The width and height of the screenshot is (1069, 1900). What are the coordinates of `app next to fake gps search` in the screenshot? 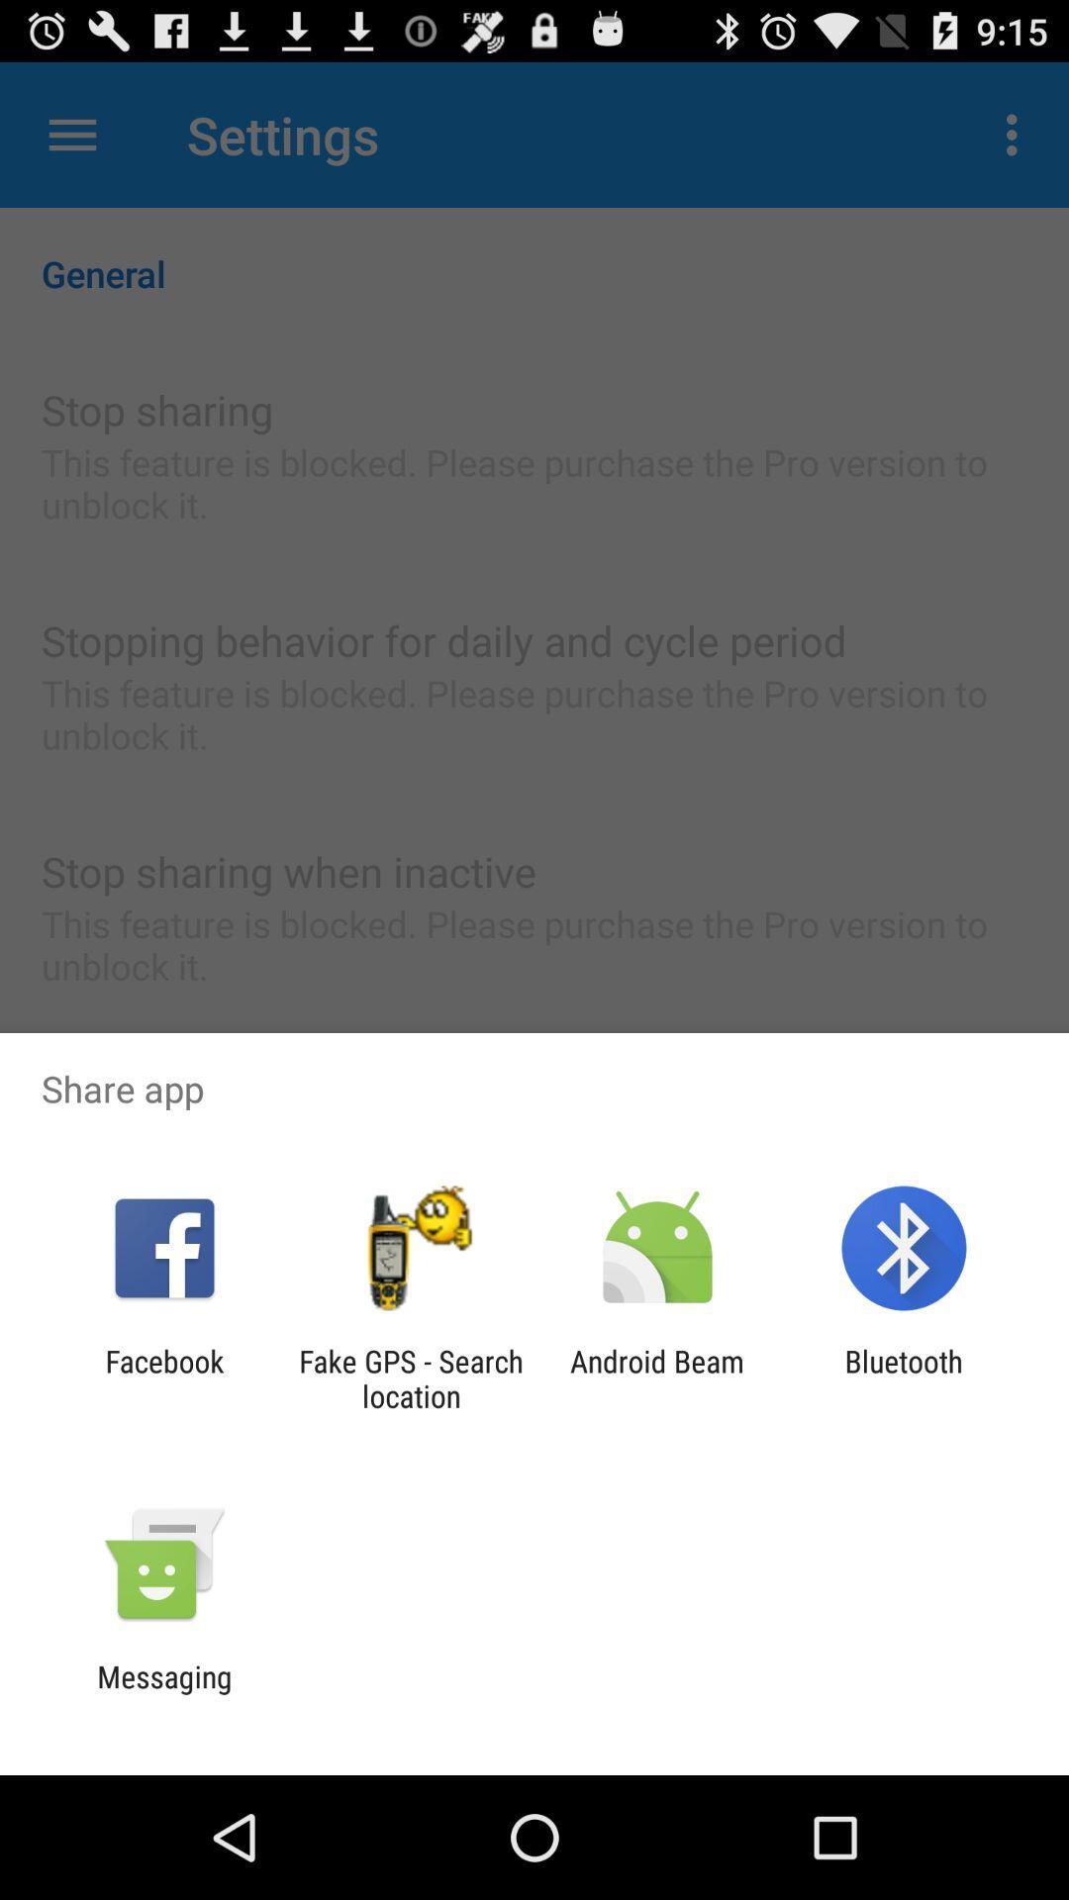 It's located at (163, 1377).